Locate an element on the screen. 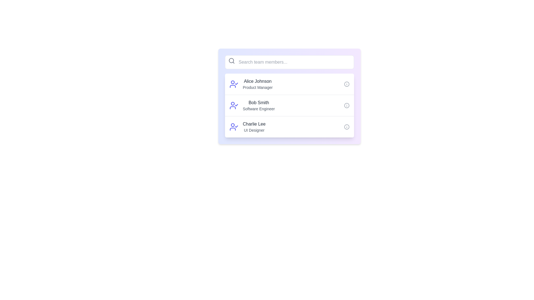 The height and width of the screenshot is (300, 534). the SVG Circle that represents the circular lens of the magnifying glass in the search icon located at the top-left corner of the search bar is located at coordinates (231, 61).